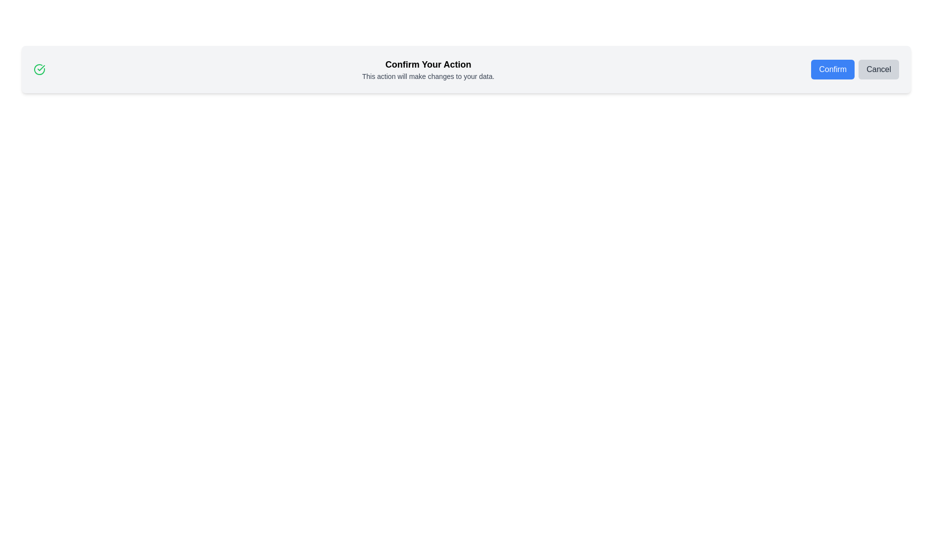 The height and width of the screenshot is (533, 949). What do you see at coordinates (428, 76) in the screenshot?
I see `informational text located beneath the 'Confirm Your Action' title, which is centrally aligned on the page` at bounding box center [428, 76].